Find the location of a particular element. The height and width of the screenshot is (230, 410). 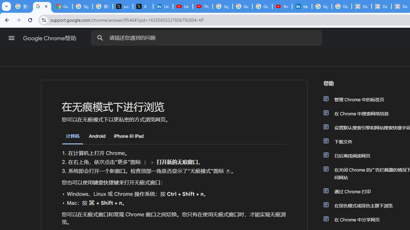

'LinkedIn Privacy Policy' is located at coordinates (163, 6).